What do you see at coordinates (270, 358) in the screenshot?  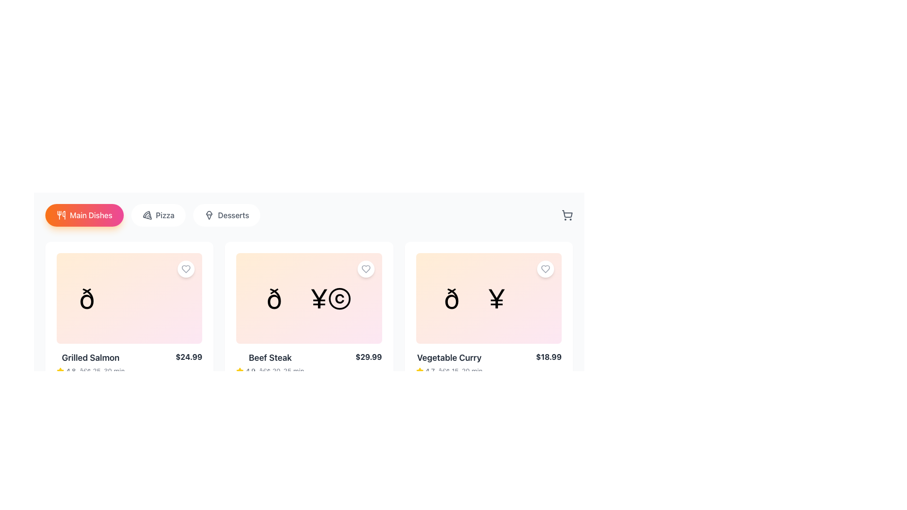 I see `the text label identifying the food item 'Beef Steak', which is centrally located in the second card from the left in a horizontally aligned list of food items` at bounding box center [270, 358].